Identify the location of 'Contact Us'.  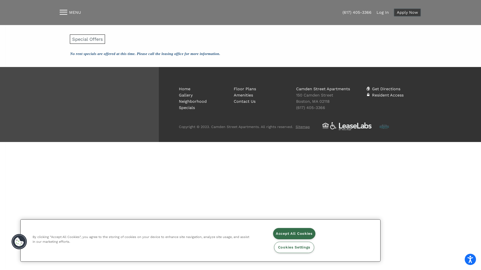
(245, 101).